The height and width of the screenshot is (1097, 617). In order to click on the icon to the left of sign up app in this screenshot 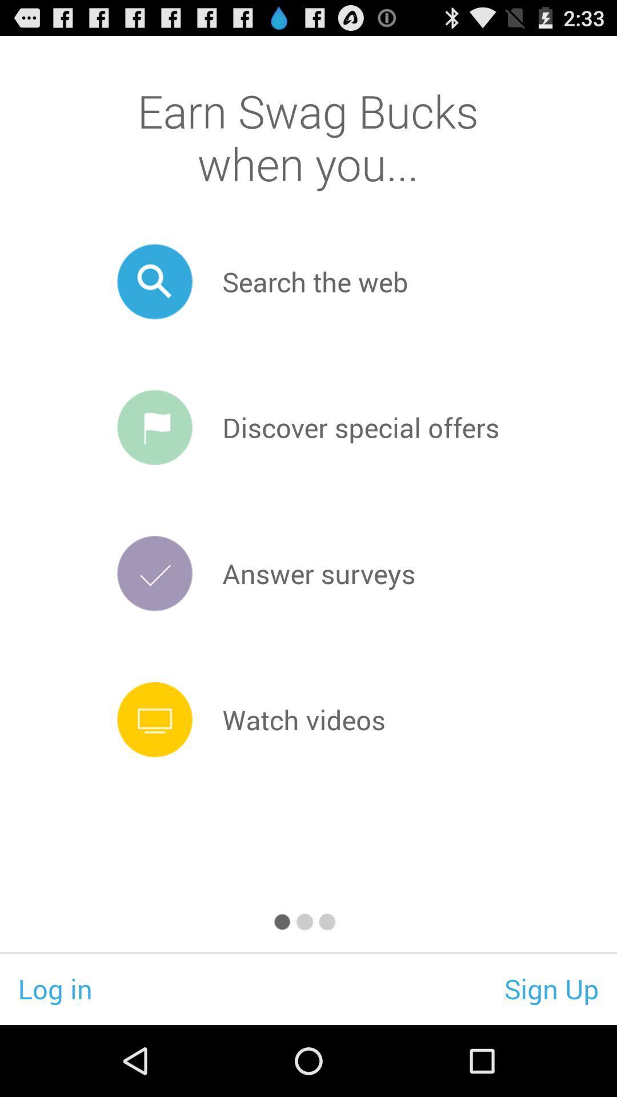, I will do `click(55, 988)`.